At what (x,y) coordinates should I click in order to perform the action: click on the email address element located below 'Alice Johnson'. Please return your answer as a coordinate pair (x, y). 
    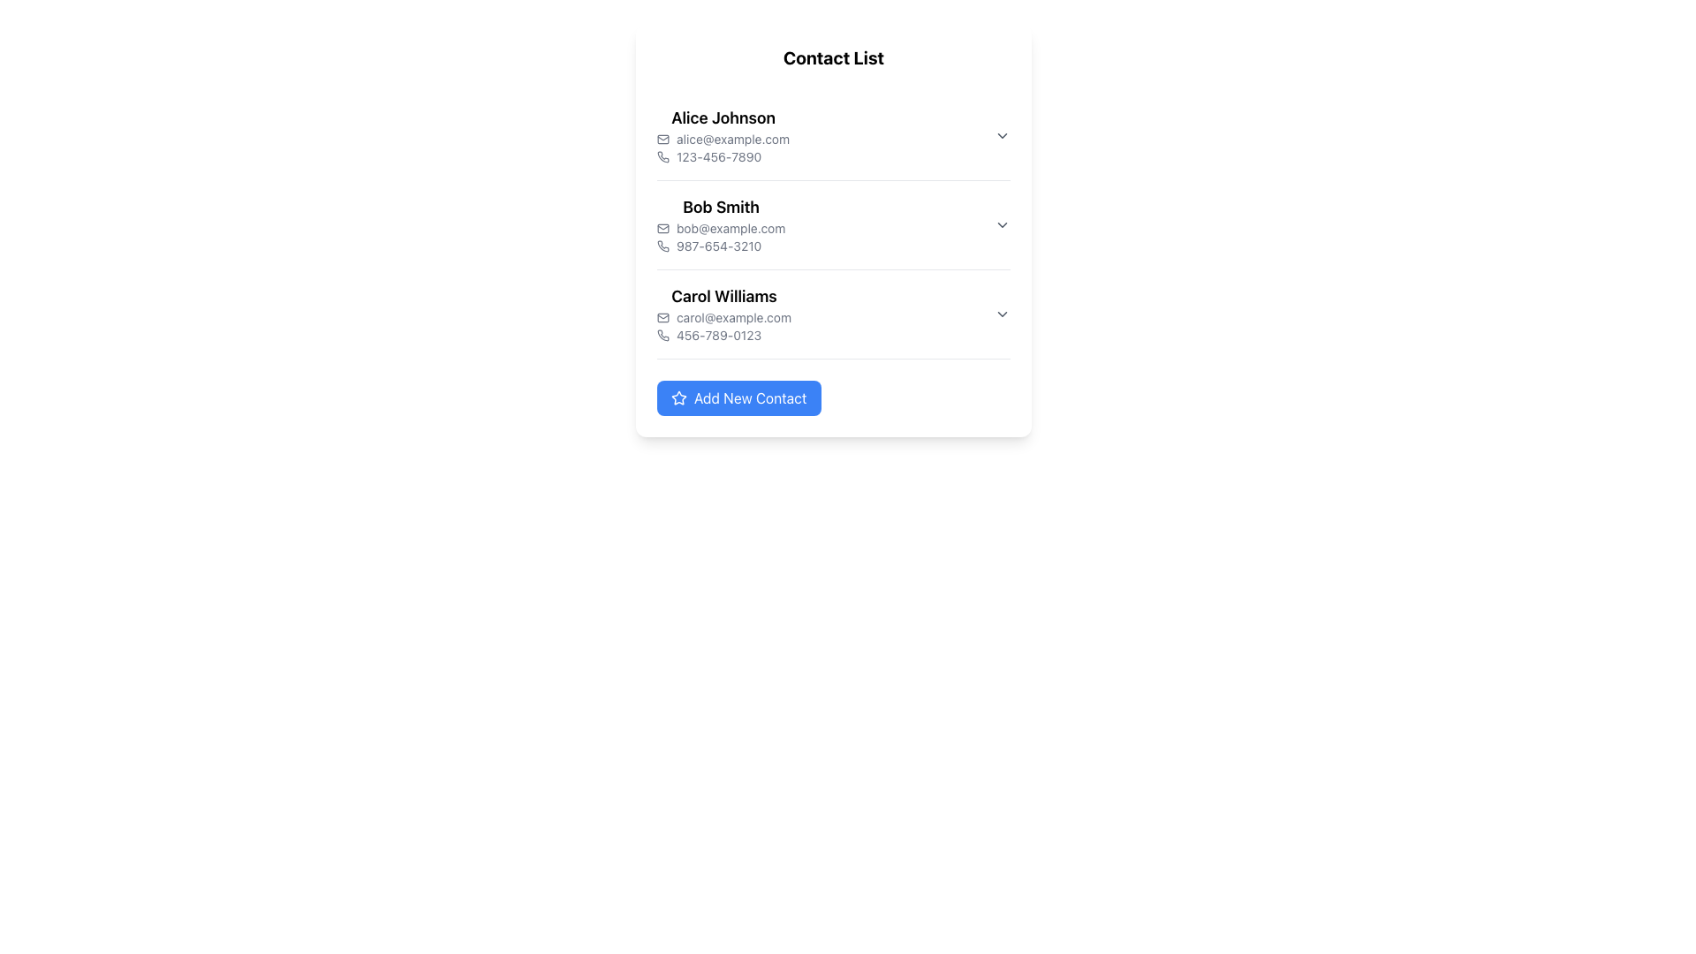
    Looking at the image, I should click on (723, 139).